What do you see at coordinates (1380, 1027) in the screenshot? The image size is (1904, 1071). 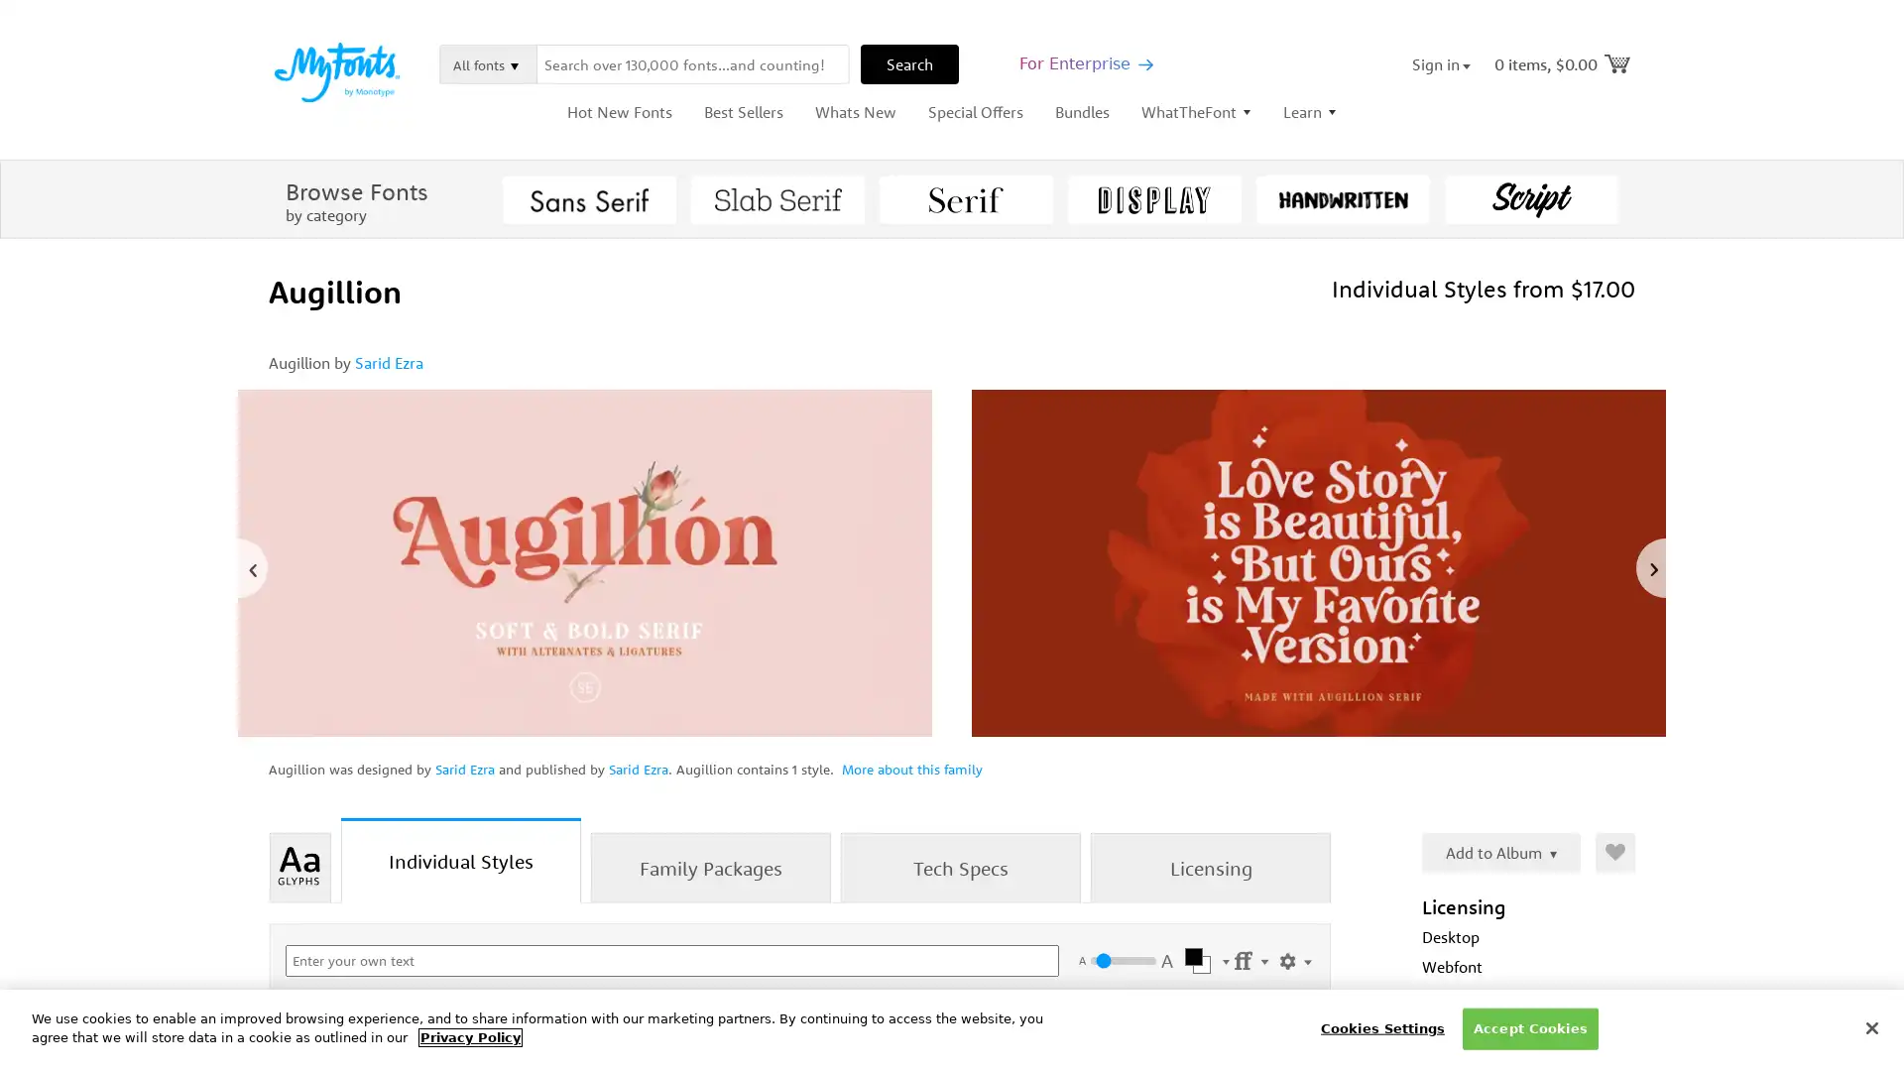 I see `Cookies Settings` at bounding box center [1380, 1027].